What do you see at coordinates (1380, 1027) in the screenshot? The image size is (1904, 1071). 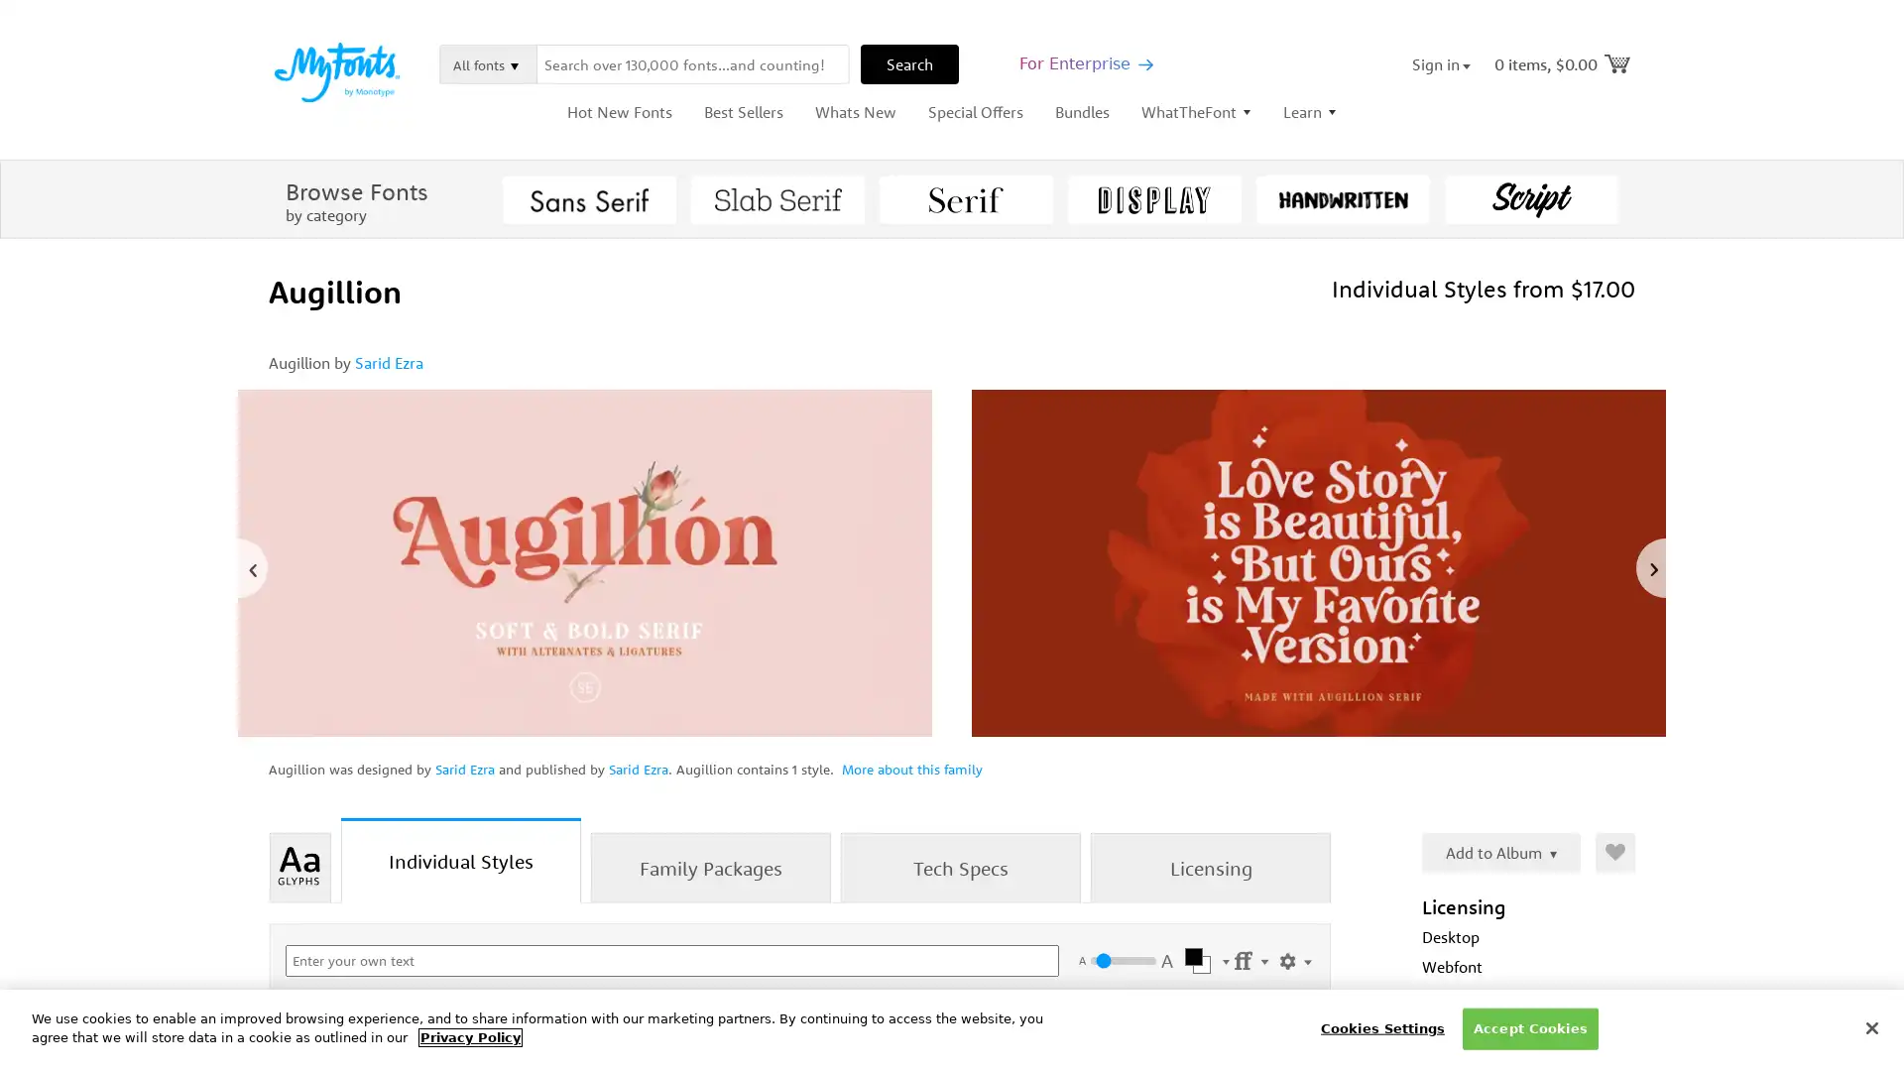 I see `Cookies Settings` at bounding box center [1380, 1027].